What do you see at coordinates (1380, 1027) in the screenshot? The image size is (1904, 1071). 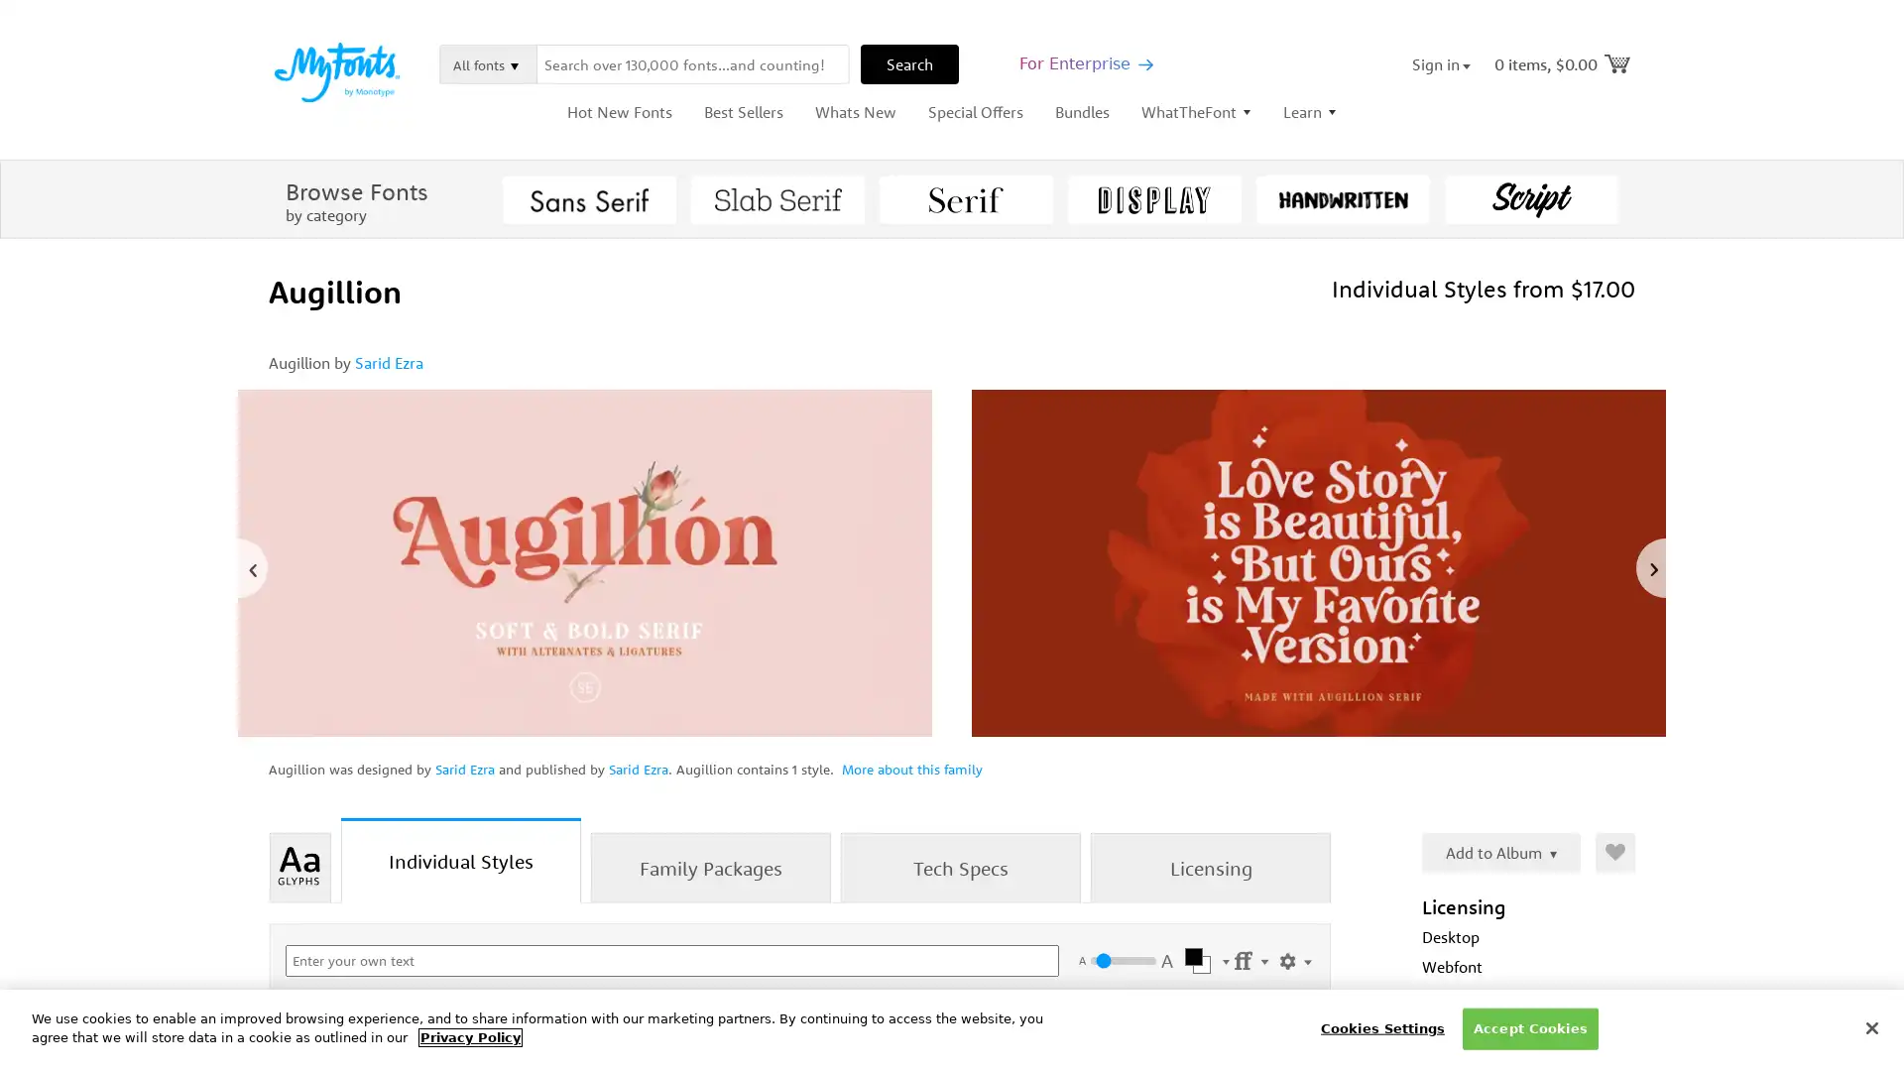 I see `Cookies Settings` at bounding box center [1380, 1027].